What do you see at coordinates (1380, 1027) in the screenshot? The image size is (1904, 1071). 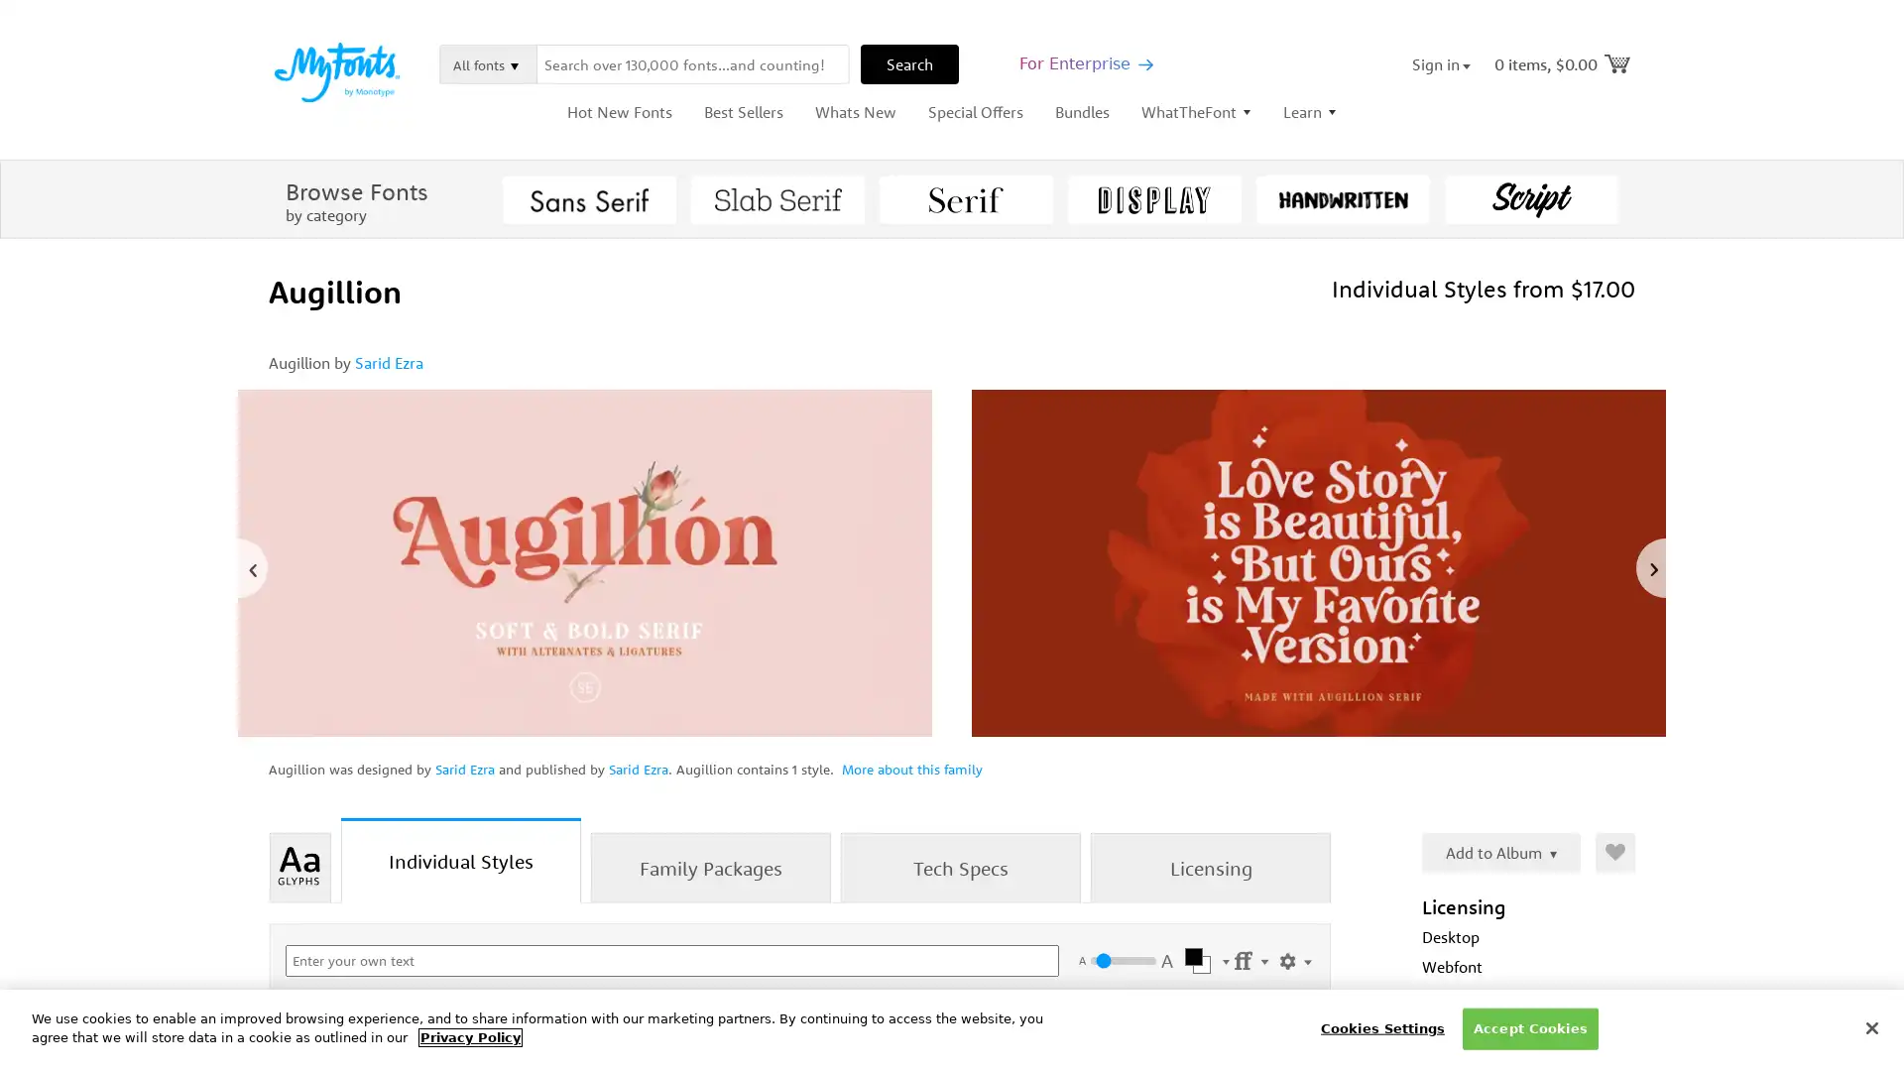 I see `Cookies Settings` at bounding box center [1380, 1027].